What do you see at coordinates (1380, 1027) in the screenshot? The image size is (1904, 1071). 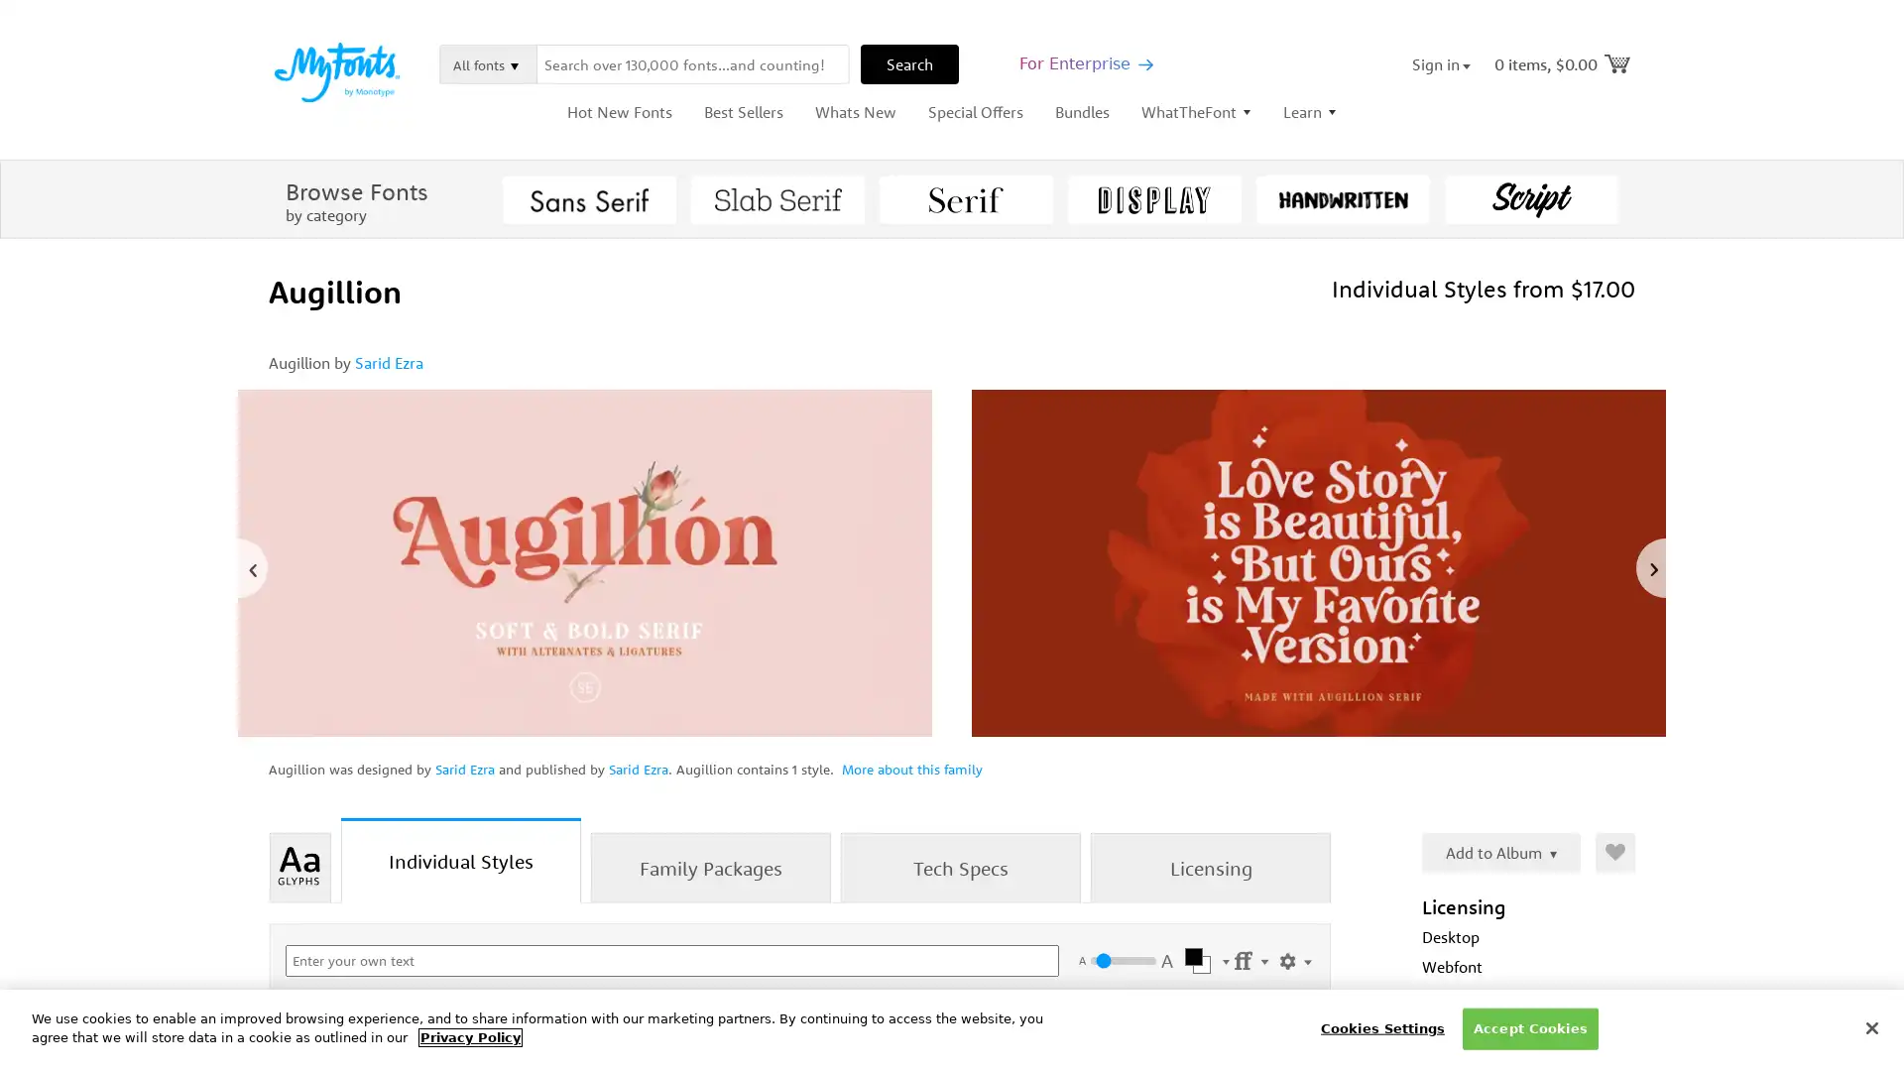 I see `Cookies Settings` at bounding box center [1380, 1027].